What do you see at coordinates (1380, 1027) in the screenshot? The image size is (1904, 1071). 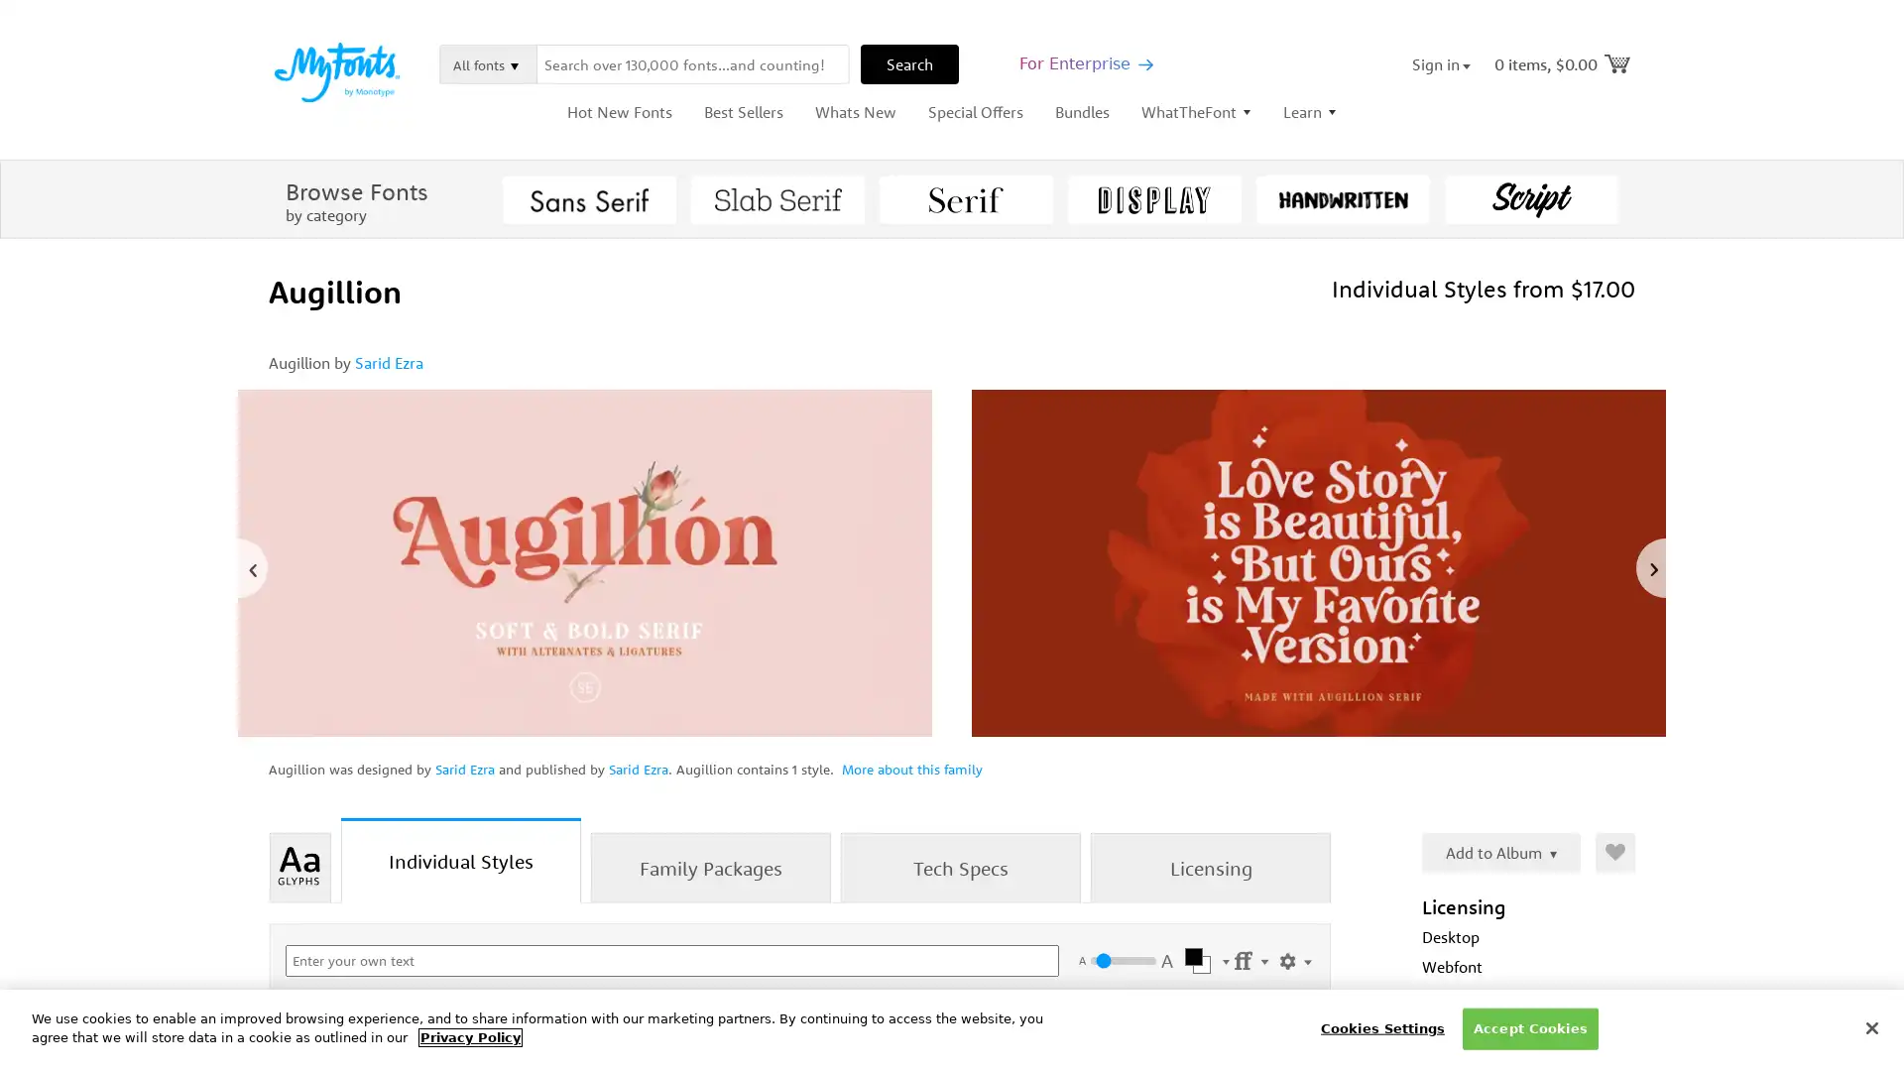 I see `Cookies Settings` at bounding box center [1380, 1027].